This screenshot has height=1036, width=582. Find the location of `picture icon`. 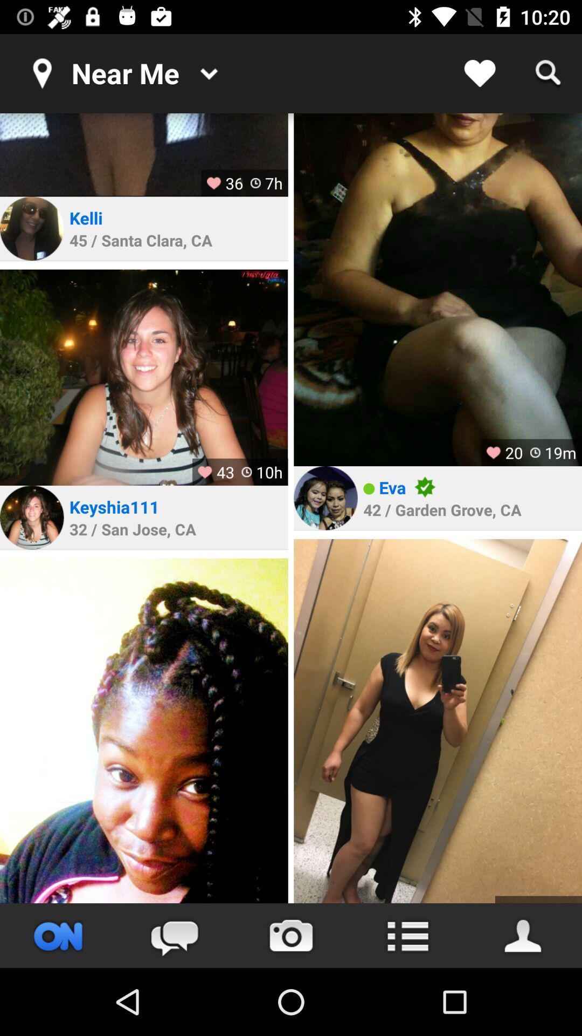

picture icon is located at coordinates (31, 228).